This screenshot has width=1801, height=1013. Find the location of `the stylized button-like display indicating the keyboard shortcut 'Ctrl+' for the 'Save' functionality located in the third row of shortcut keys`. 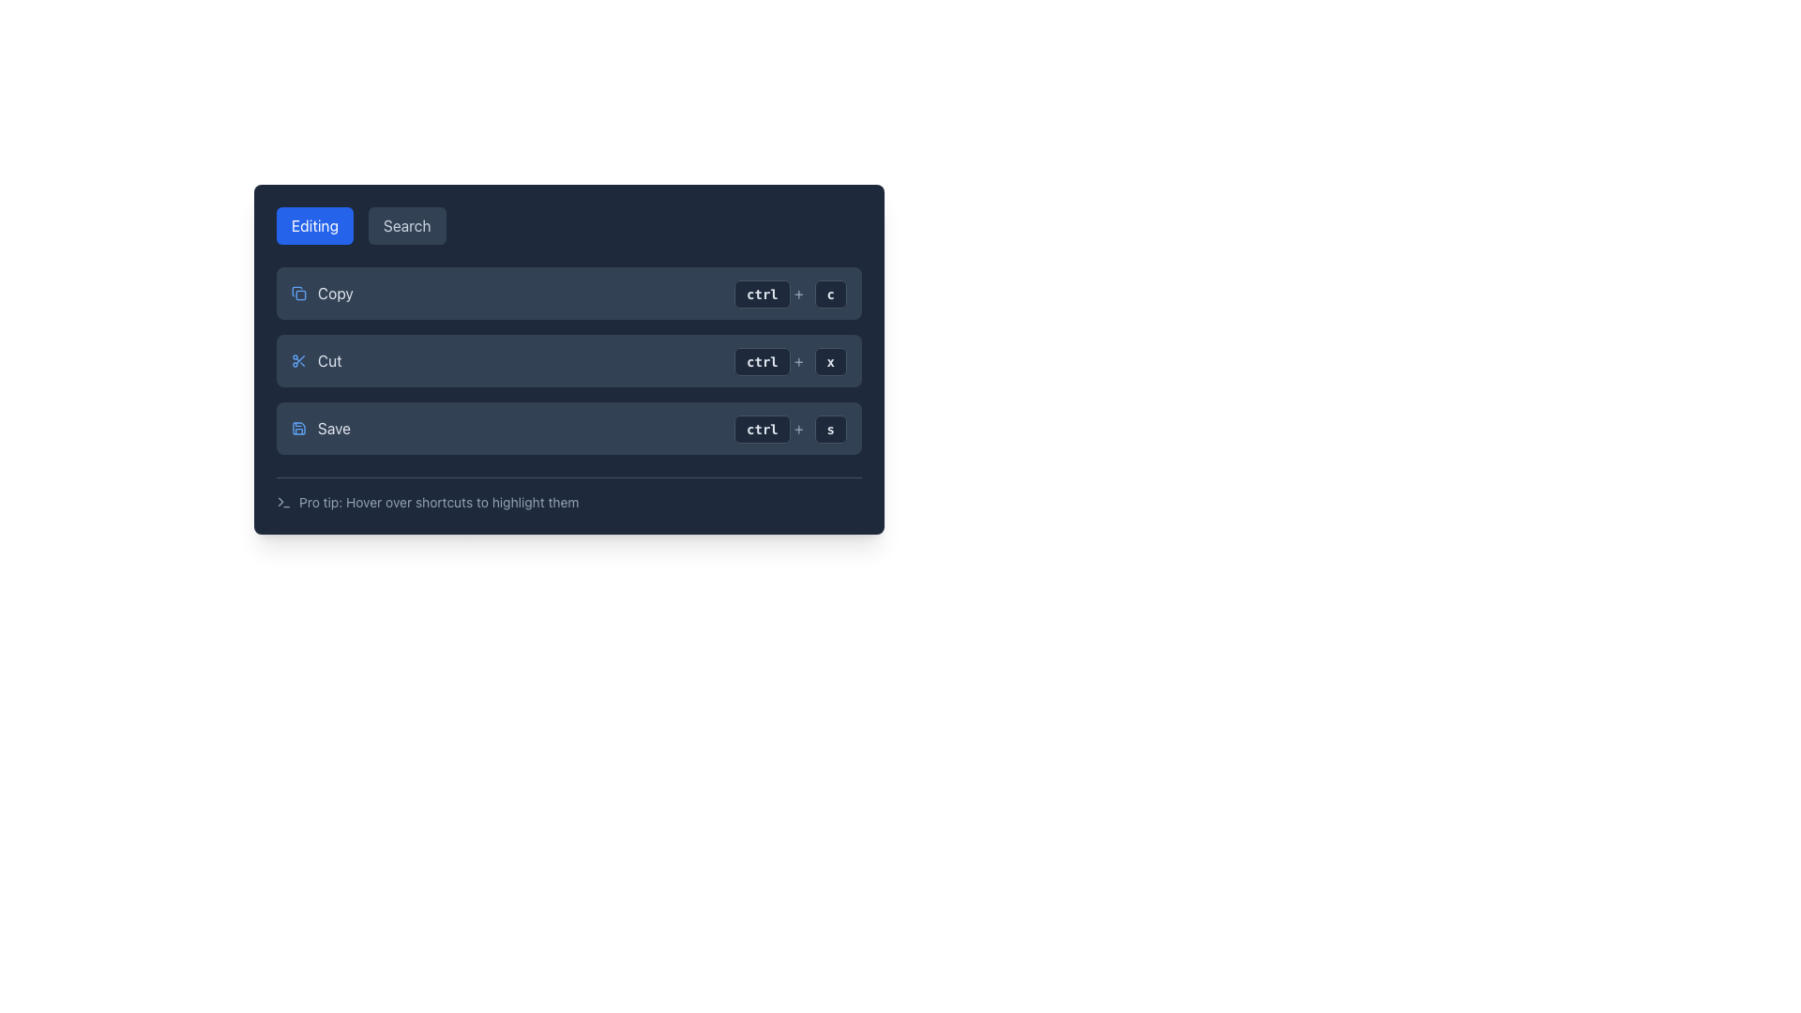

the stylized button-like display indicating the keyboard shortcut 'Ctrl+' for the 'Save' functionality located in the third row of shortcut keys is located at coordinates (770, 428).